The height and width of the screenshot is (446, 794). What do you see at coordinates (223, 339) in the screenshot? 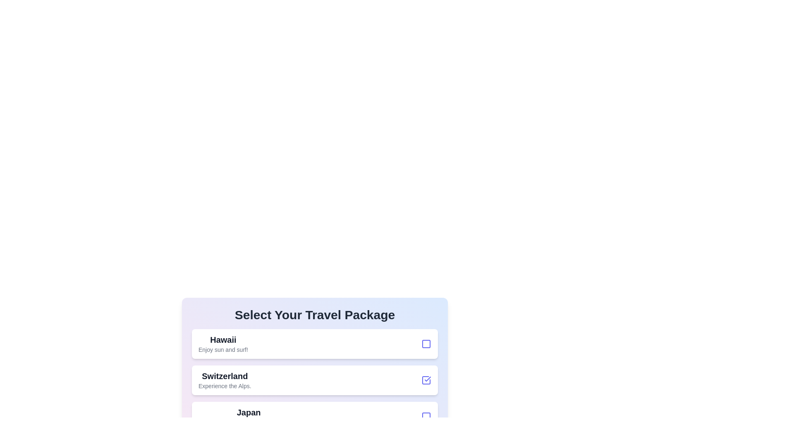
I see `the text of the travel package Hawaii to select it` at bounding box center [223, 339].